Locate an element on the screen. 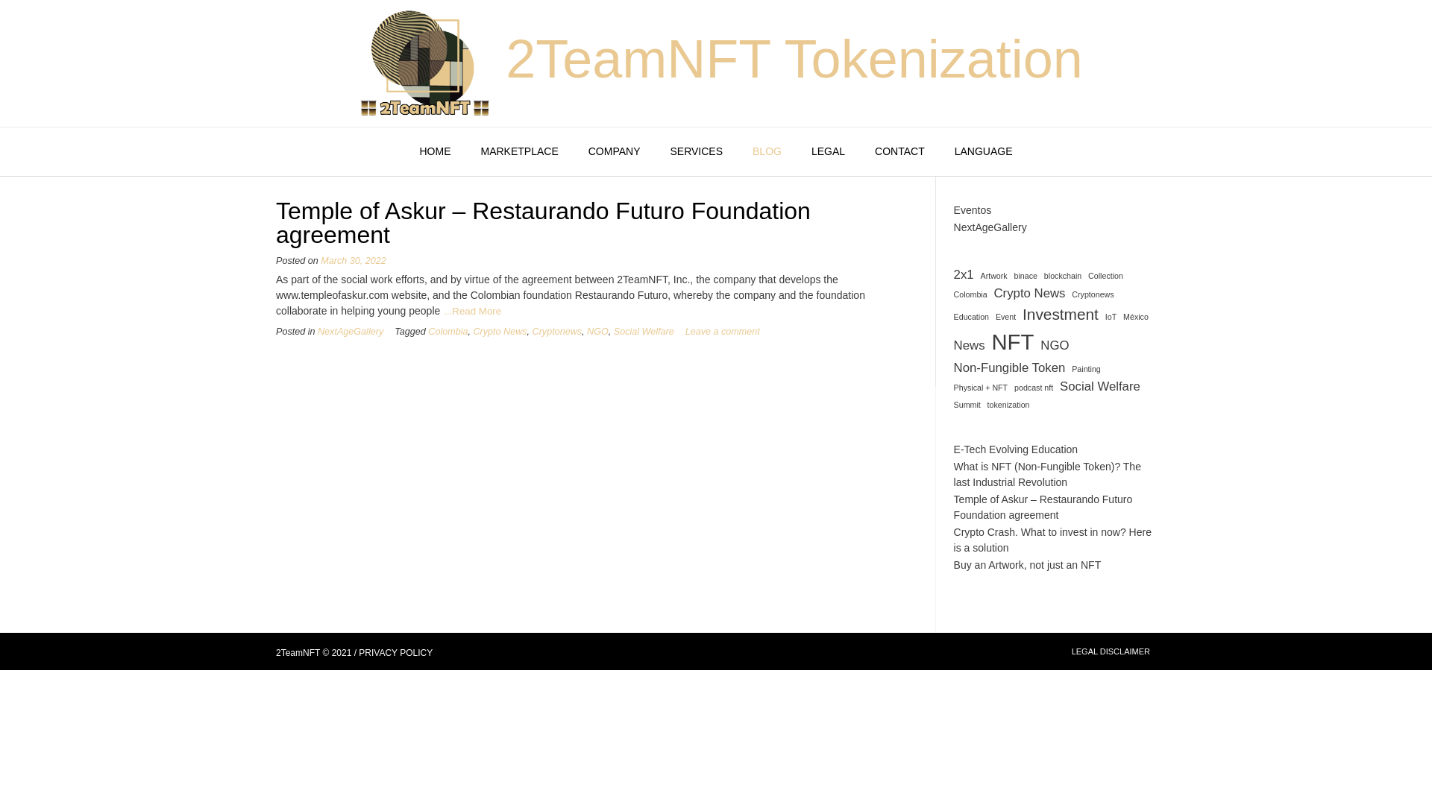 The image size is (1432, 805). 'Eventos' is located at coordinates (973, 209).